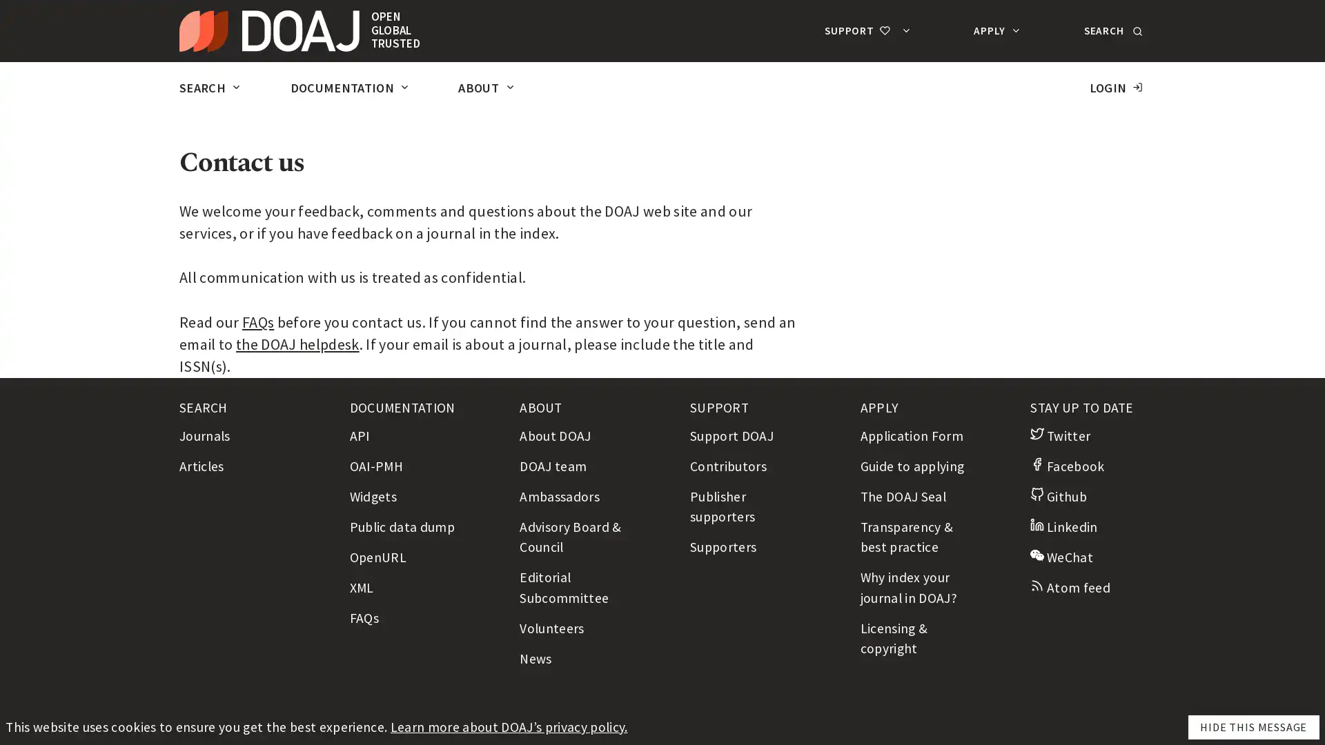 The width and height of the screenshot is (1325, 745). I want to click on WeChat, so click(1061, 555).